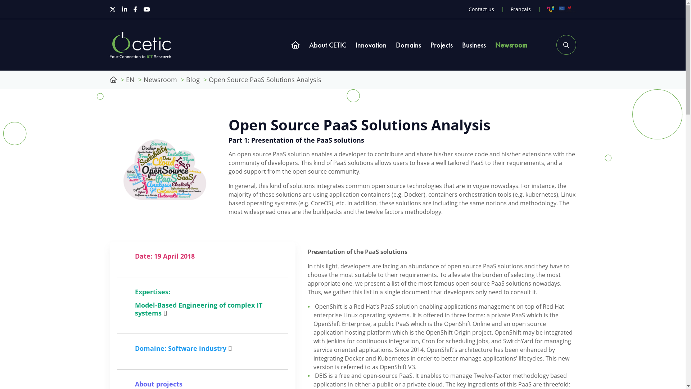 This screenshot has height=389, width=691. What do you see at coordinates (408, 45) in the screenshot?
I see `'Domains'` at bounding box center [408, 45].